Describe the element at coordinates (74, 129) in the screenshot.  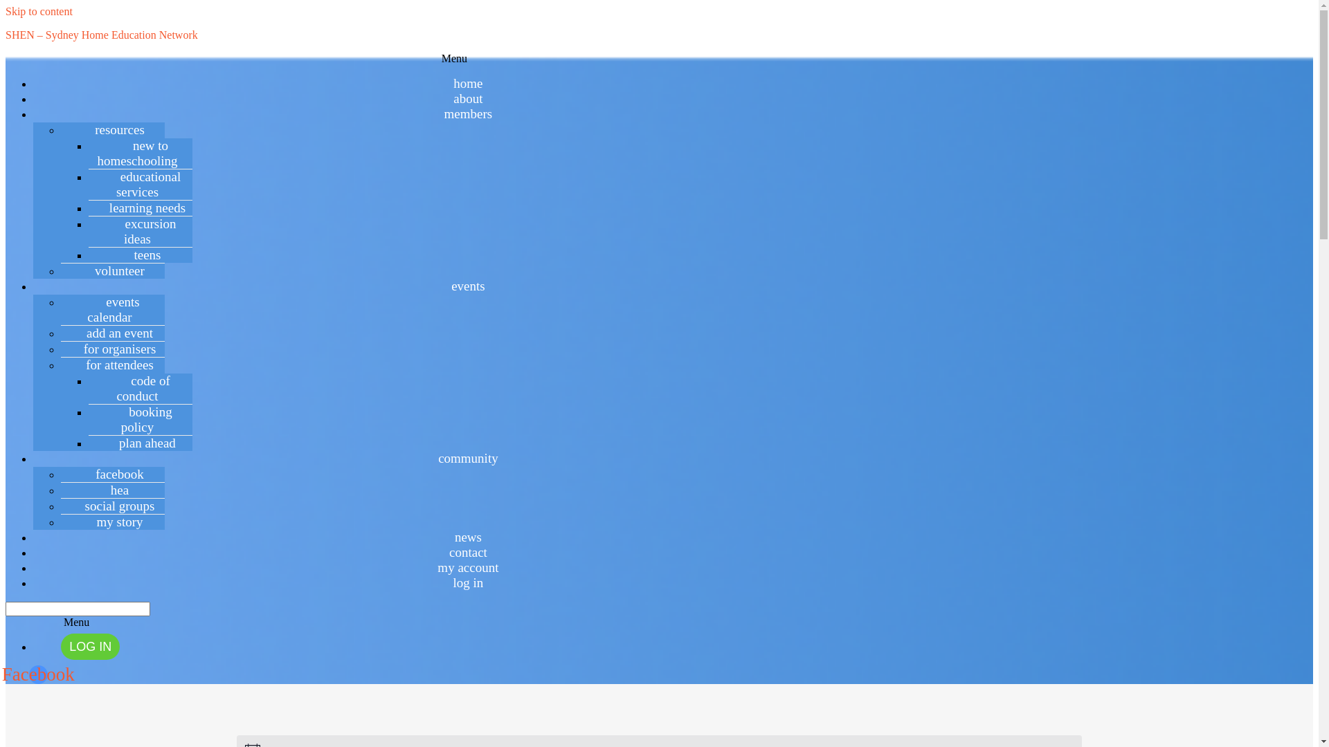
I see `'resources'` at that location.